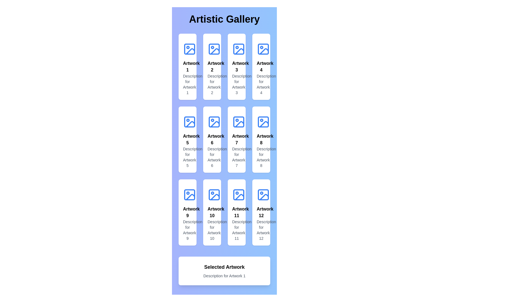  What do you see at coordinates (239, 122) in the screenshot?
I see `the artwork icon located in the third row and third column of the grid` at bounding box center [239, 122].